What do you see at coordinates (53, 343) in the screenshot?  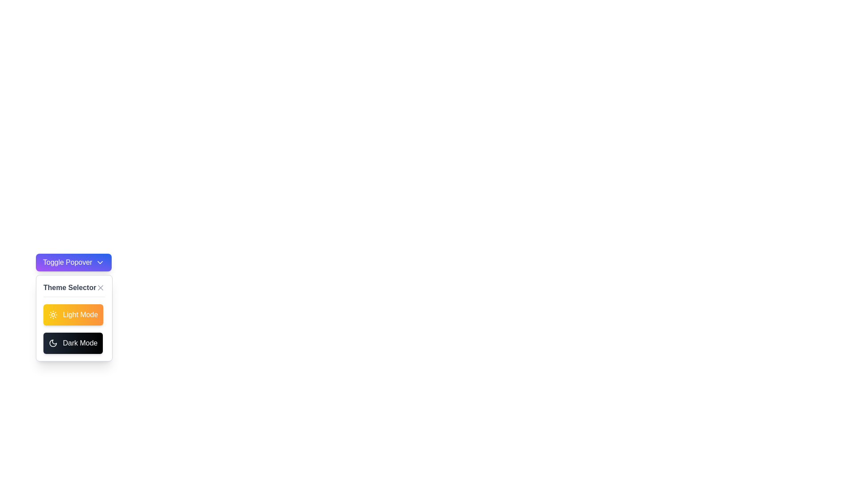 I see `the 'Dark Mode' button icon that represents the theme option within the dropdown menu` at bounding box center [53, 343].